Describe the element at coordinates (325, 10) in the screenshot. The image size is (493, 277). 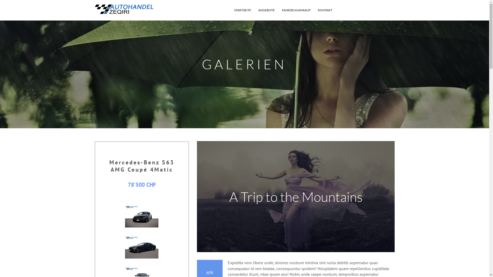
I see `'KONTAKT'` at that location.